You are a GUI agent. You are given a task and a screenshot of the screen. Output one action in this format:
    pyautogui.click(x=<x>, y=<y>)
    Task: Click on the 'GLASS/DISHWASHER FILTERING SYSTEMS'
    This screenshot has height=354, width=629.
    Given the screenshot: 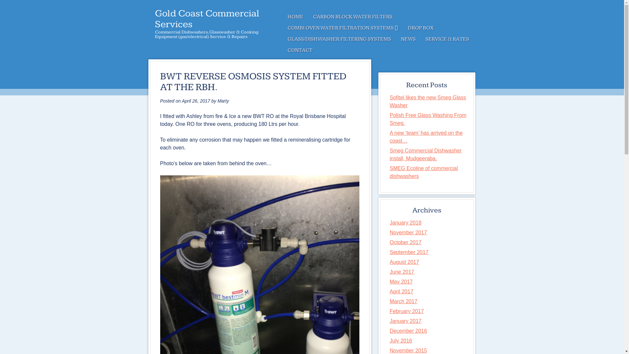 What is the action you would take?
    pyautogui.click(x=339, y=39)
    